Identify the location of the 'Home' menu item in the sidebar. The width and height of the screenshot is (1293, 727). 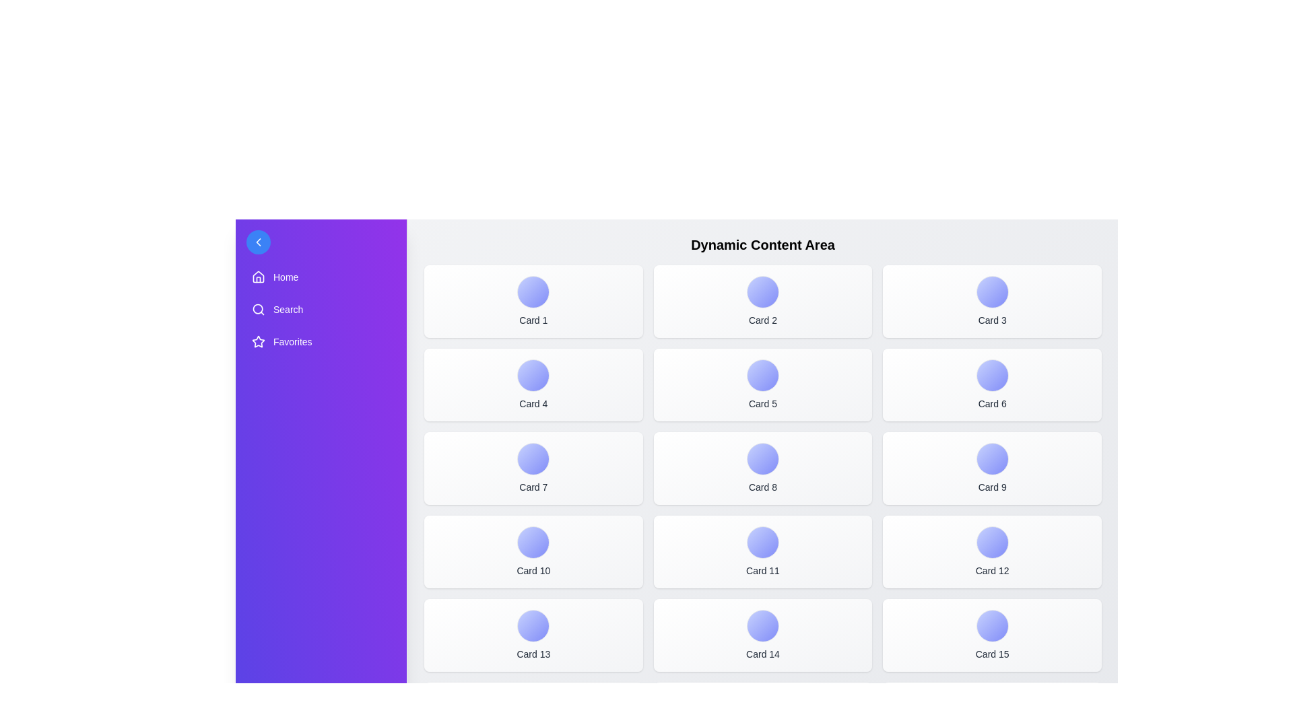
(320, 277).